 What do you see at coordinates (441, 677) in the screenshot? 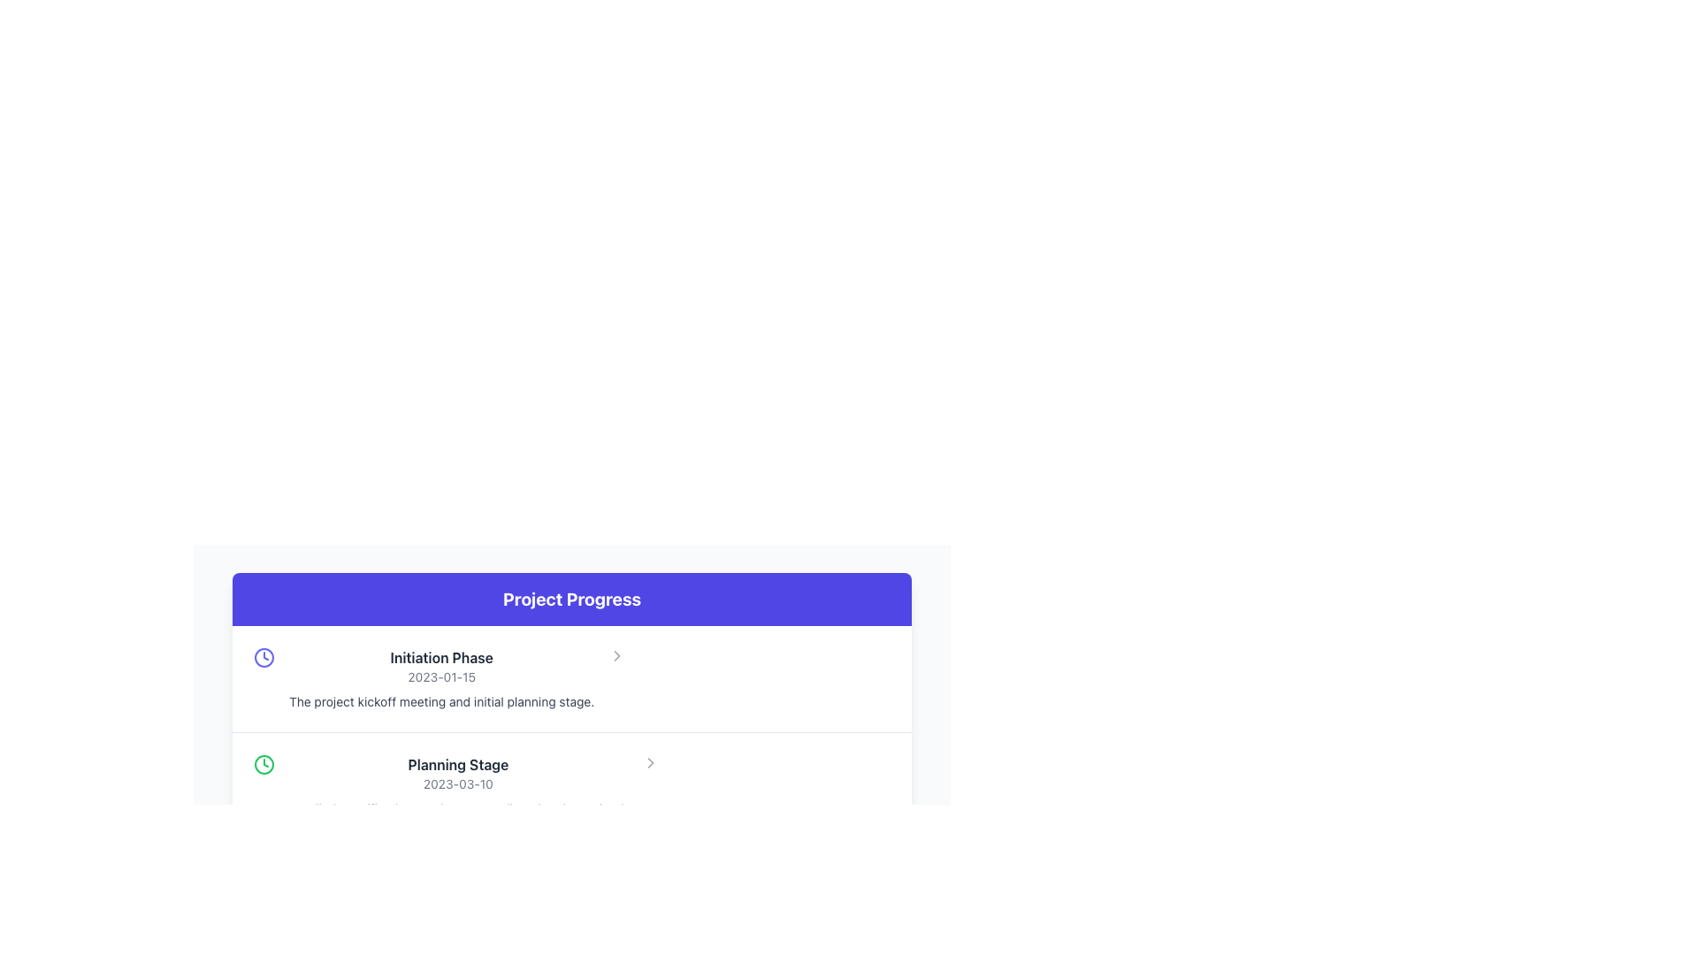
I see `informational text block located above the 'Planning Stage' block in the 'Project Progress' section` at bounding box center [441, 677].